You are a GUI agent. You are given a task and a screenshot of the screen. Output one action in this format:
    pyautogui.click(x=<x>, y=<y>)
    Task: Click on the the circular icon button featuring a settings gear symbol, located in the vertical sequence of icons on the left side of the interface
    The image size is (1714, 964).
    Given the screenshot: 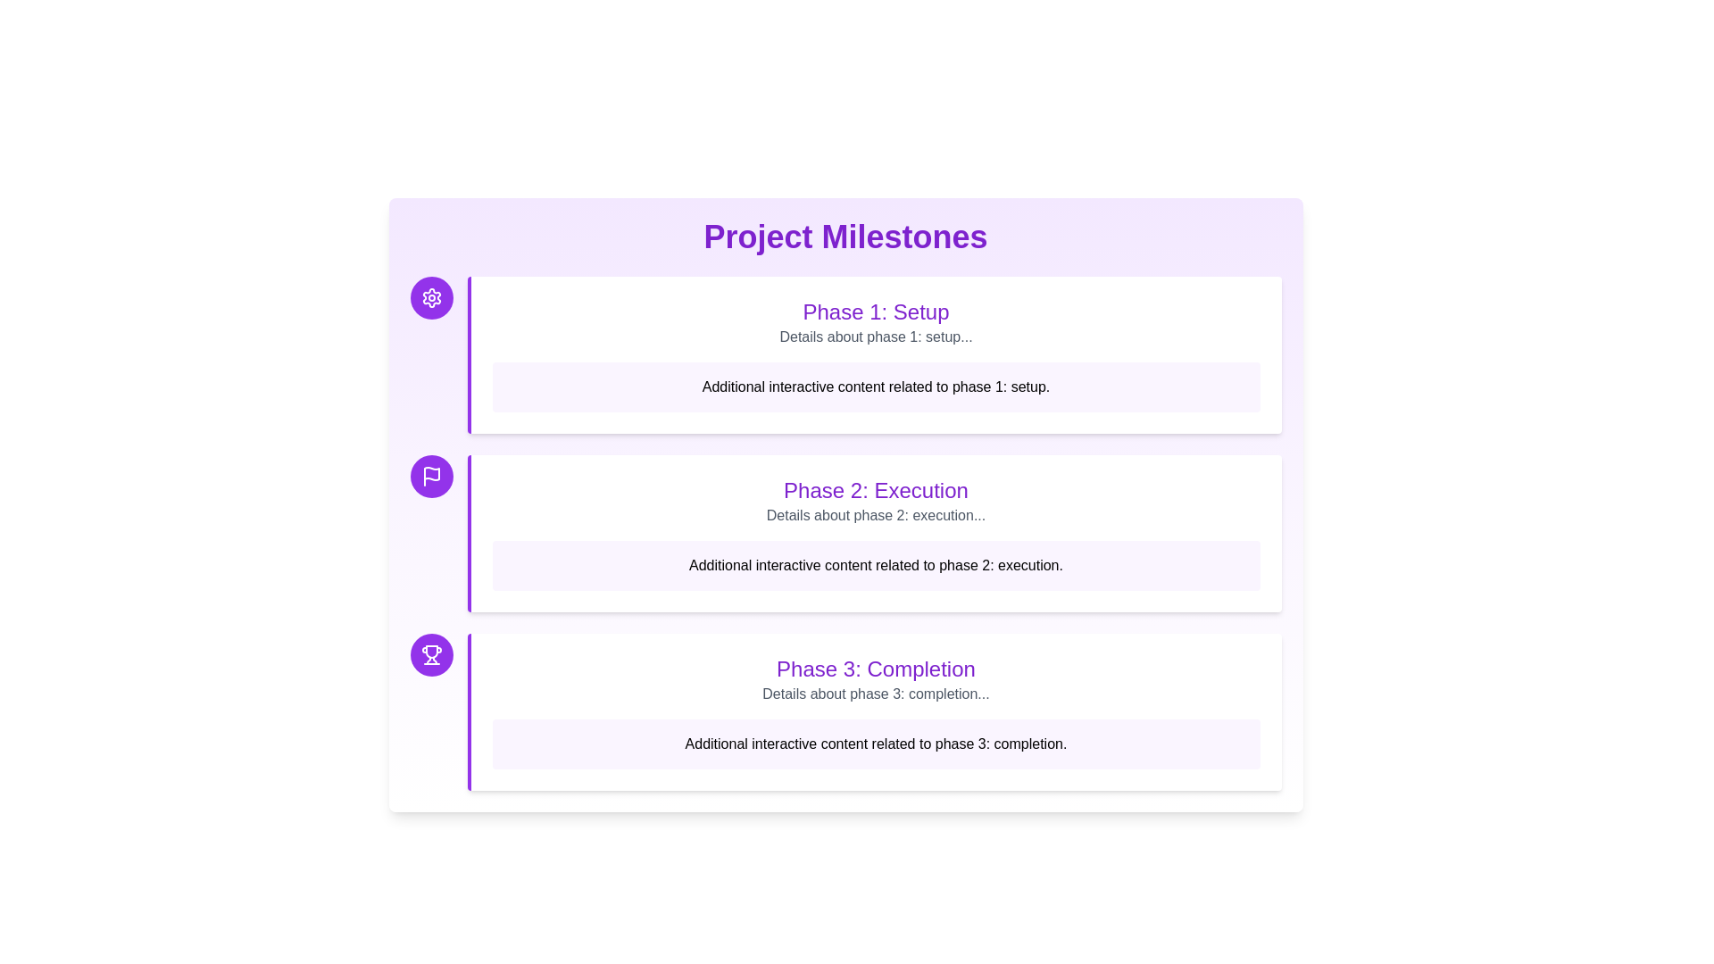 What is the action you would take?
    pyautogui.click(x=431, y=297)
    